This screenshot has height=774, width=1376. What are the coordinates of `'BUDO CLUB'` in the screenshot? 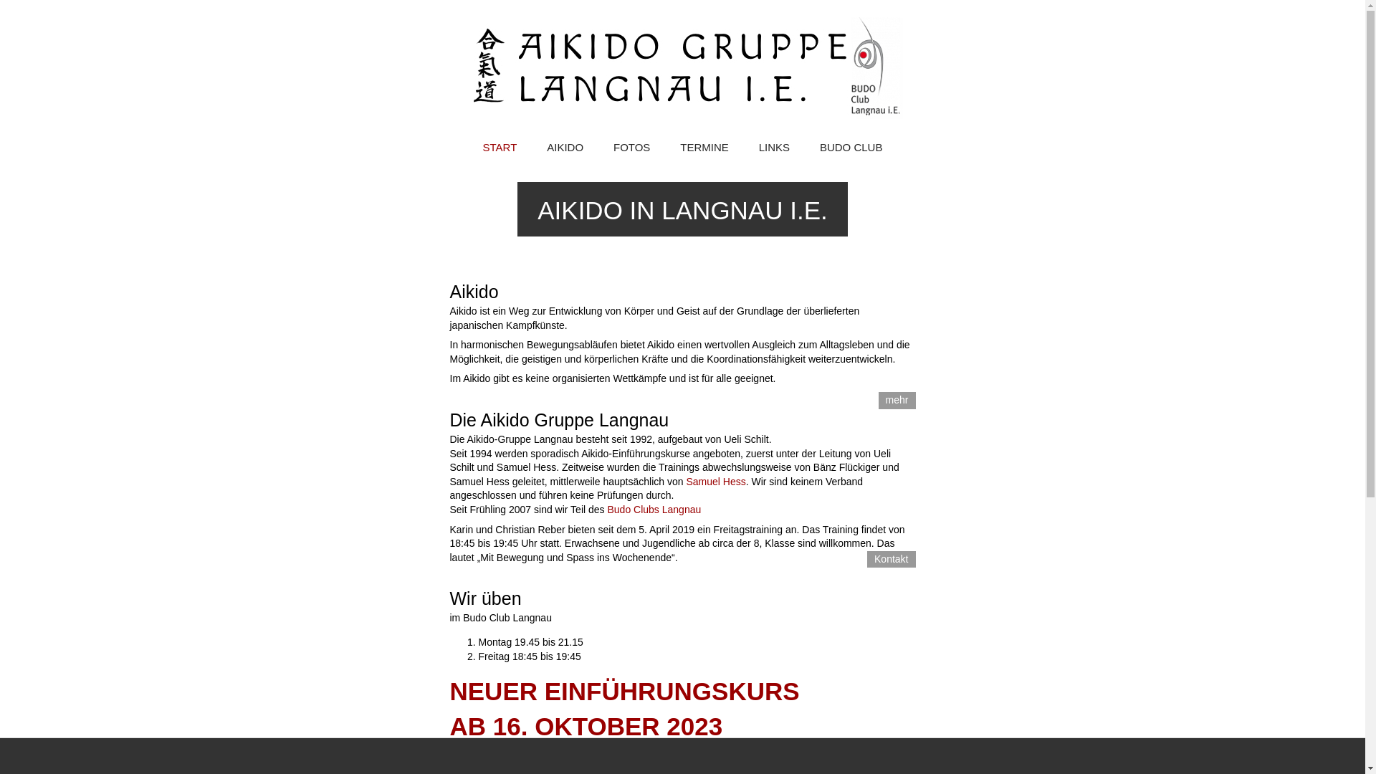 It's located at (851, 148).